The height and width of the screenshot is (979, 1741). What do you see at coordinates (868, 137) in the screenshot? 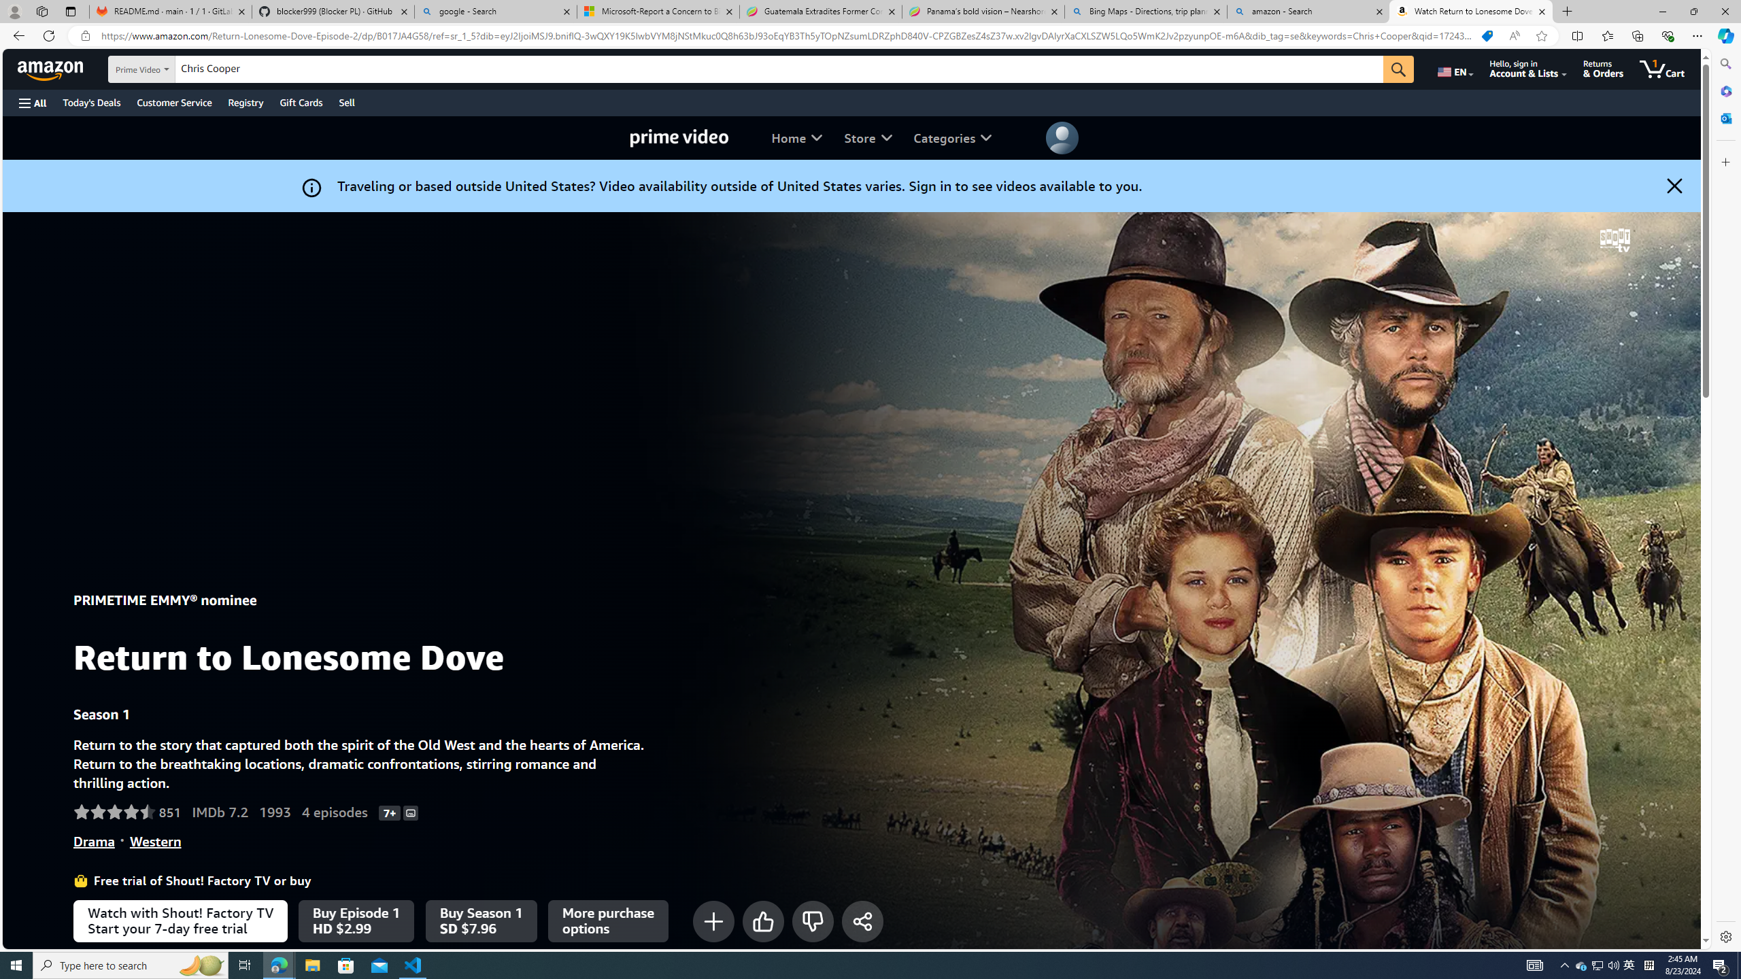
I see `'Store'` at bounding box center [868, 137].